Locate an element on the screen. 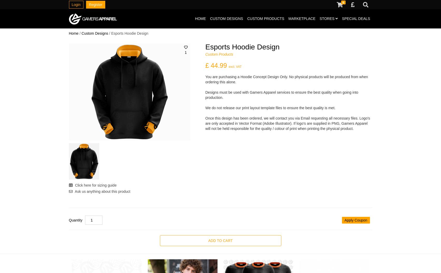  'You are purchasing a Hoodie Concept Design Only. No physical products will be produced from when ordering this alone.' is located at coordinates (205, 79).